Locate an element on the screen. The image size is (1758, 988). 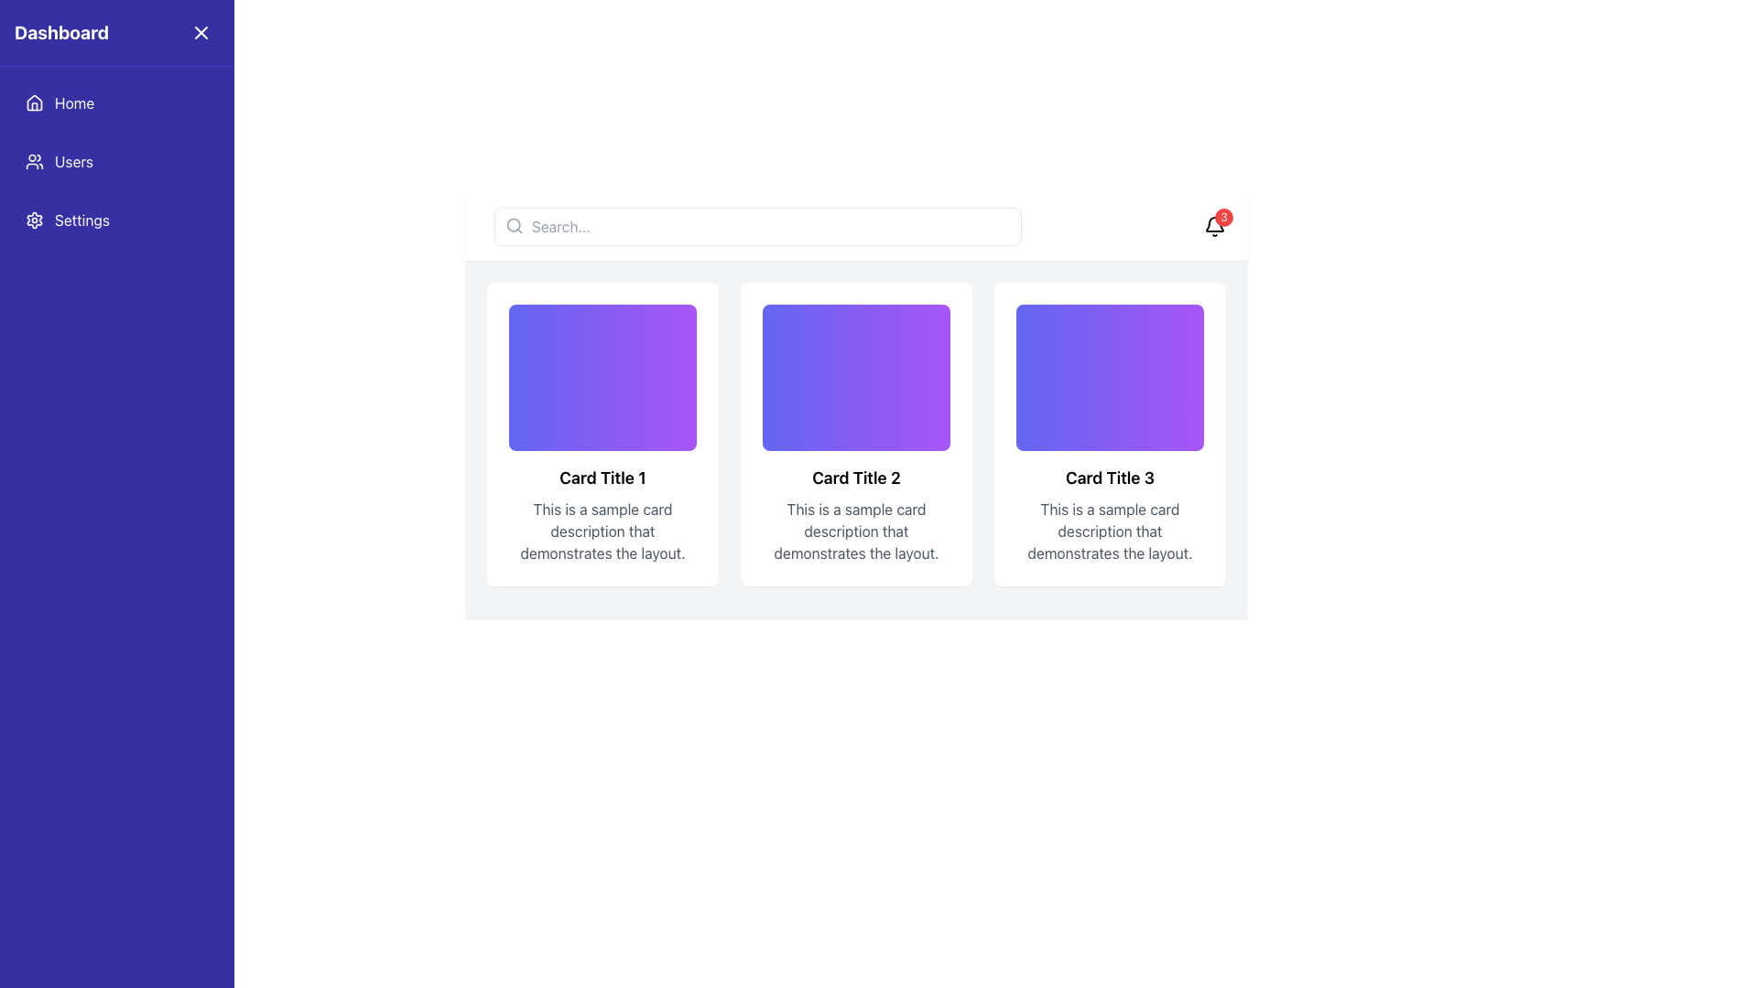
the 'Users' menu icon located in the sidebar of the application interface, positioned below 'Home' and above 'Settings' is located at coordinates (35, 161).